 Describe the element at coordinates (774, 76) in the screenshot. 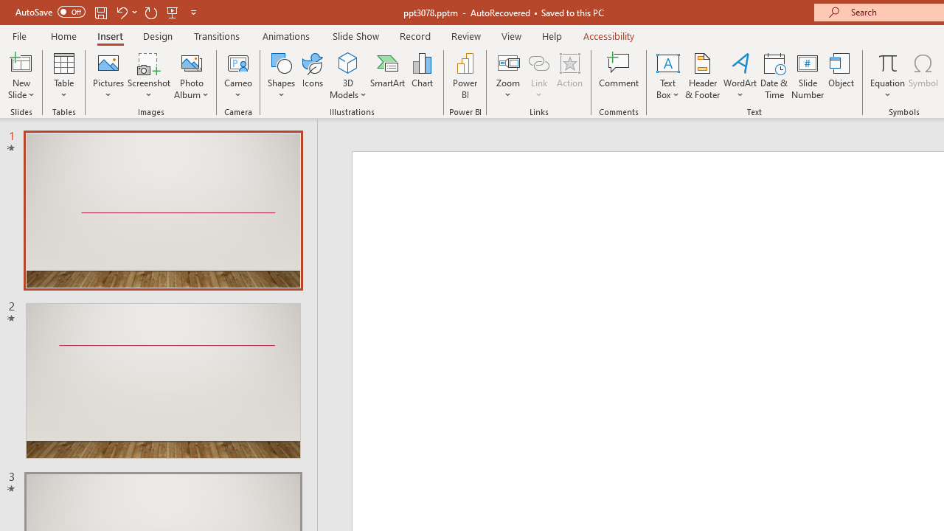

I see `'Date & Time...'` at that location.